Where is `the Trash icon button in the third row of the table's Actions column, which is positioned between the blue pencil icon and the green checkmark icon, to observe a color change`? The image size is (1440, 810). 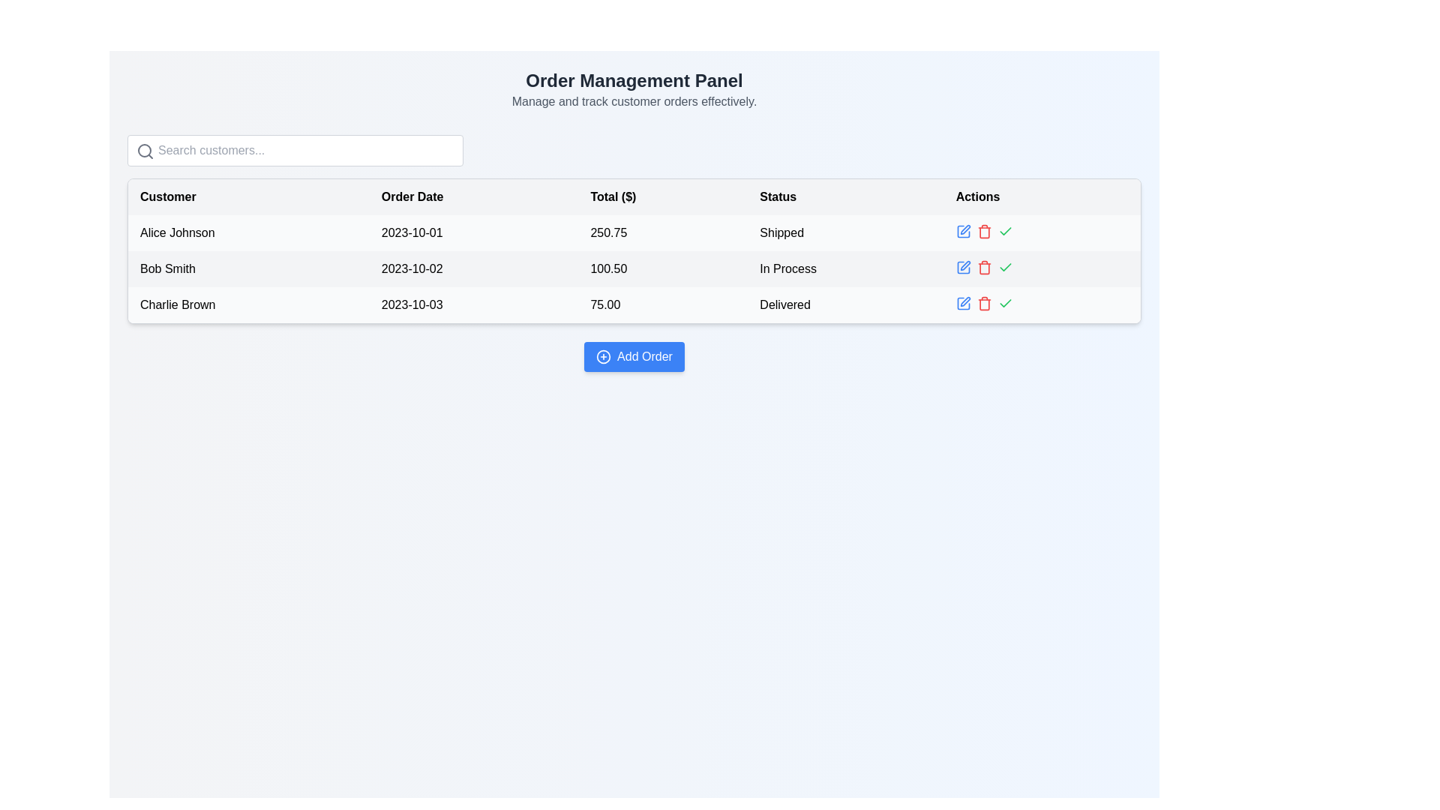
the Trash icon button in the third row of the table's Actions column, which is positioned between the blue pencil icon and the green checkmark icon, to observe a color change is located at coordinates (984, 304).